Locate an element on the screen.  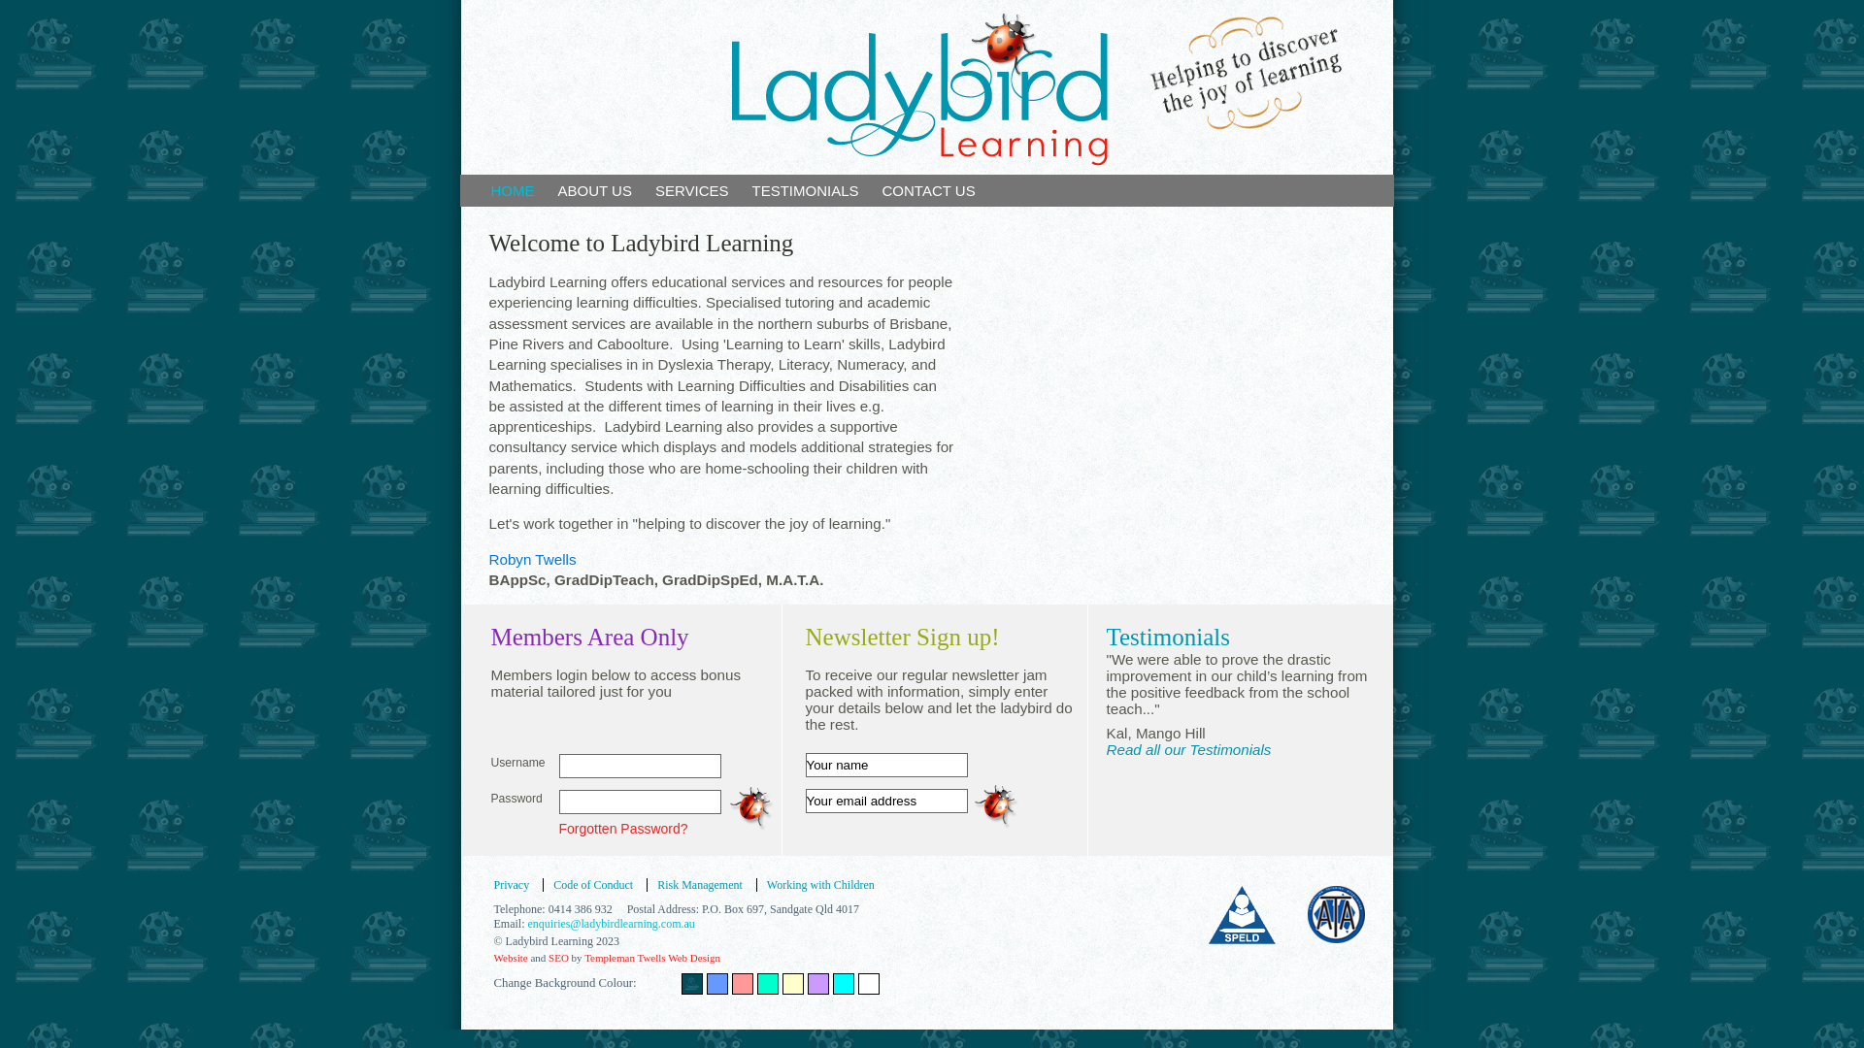
'ABOUT US' is located at coordinates (592, 190).